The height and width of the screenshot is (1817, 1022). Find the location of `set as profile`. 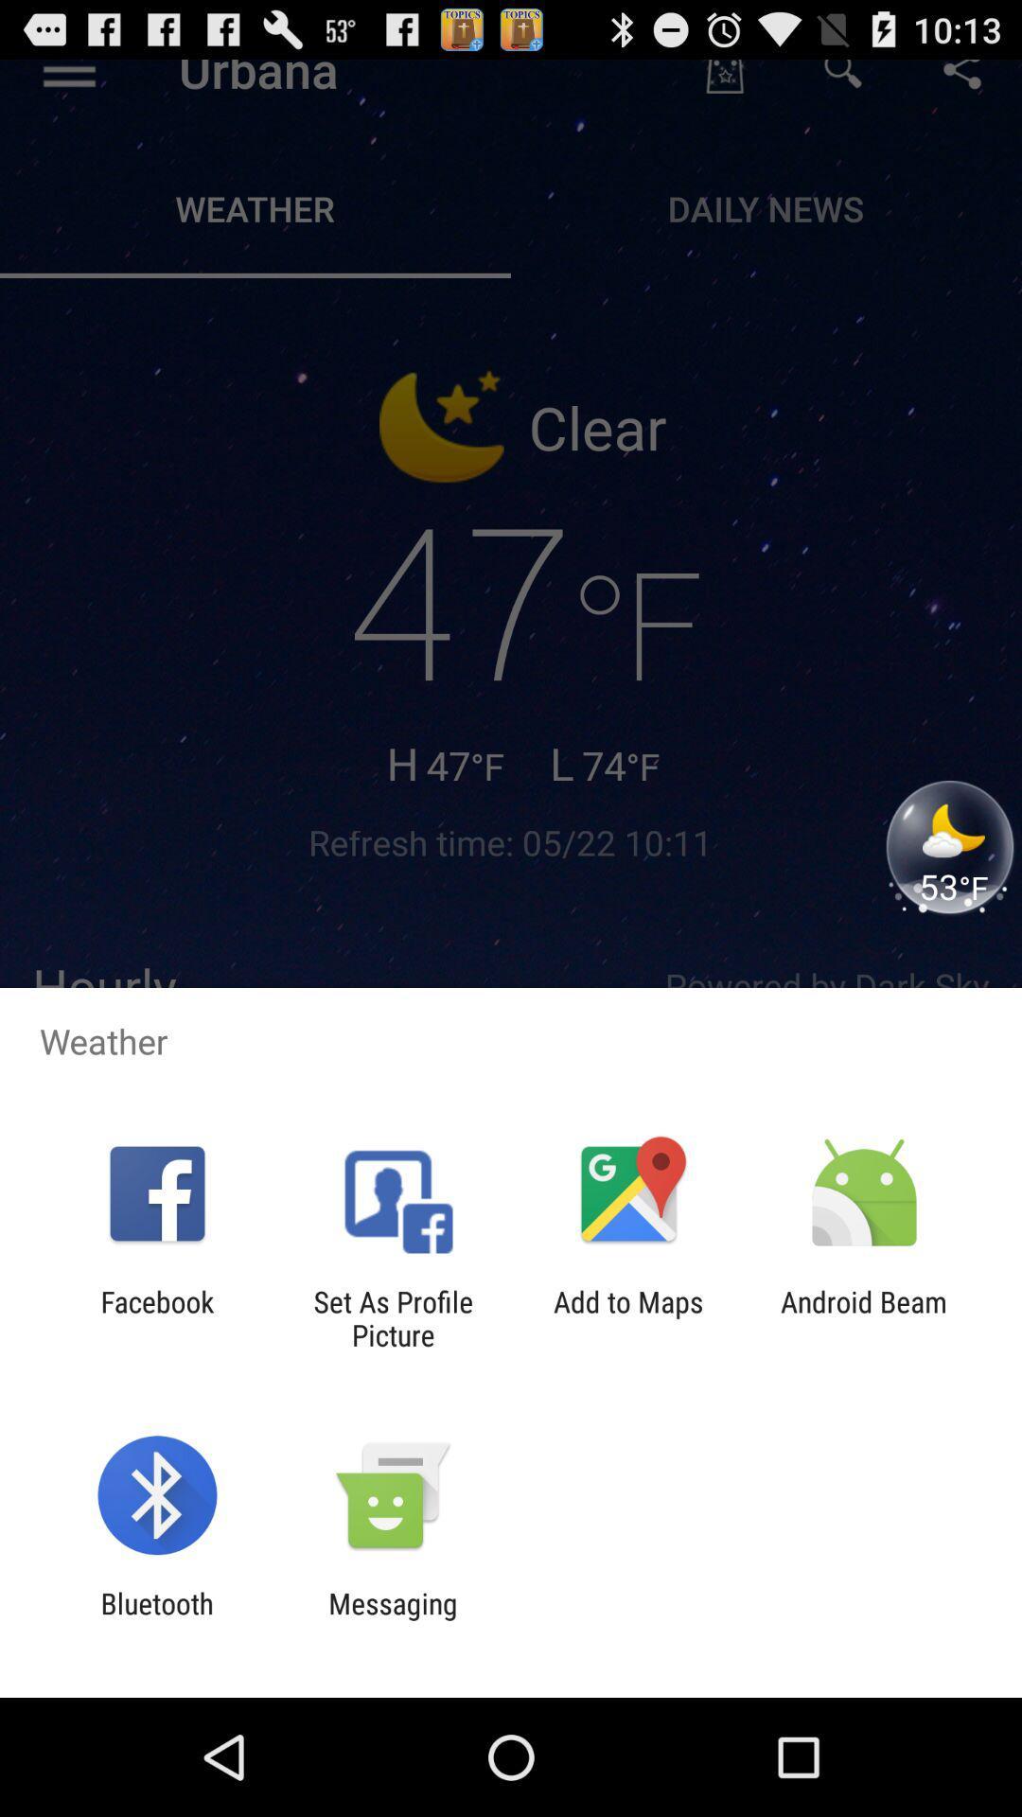

set as profile is located at coordinates (392, 1317).